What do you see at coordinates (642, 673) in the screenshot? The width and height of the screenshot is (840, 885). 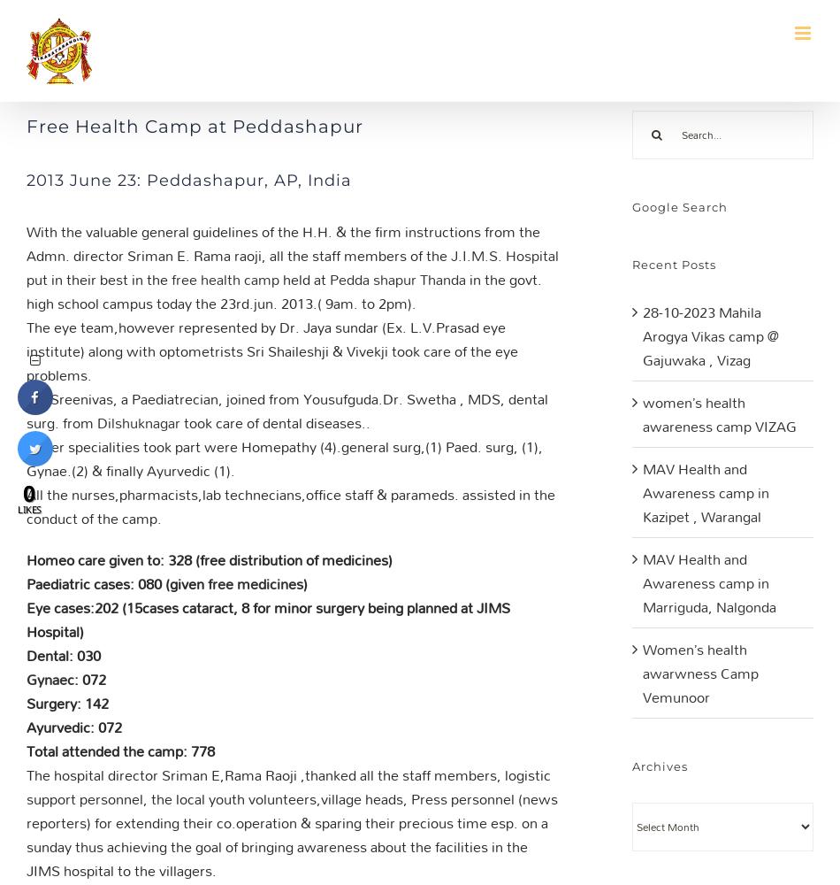 I see `'Women’s health awarwness Camp Vemunoor'` at bounding box center [642, 673].